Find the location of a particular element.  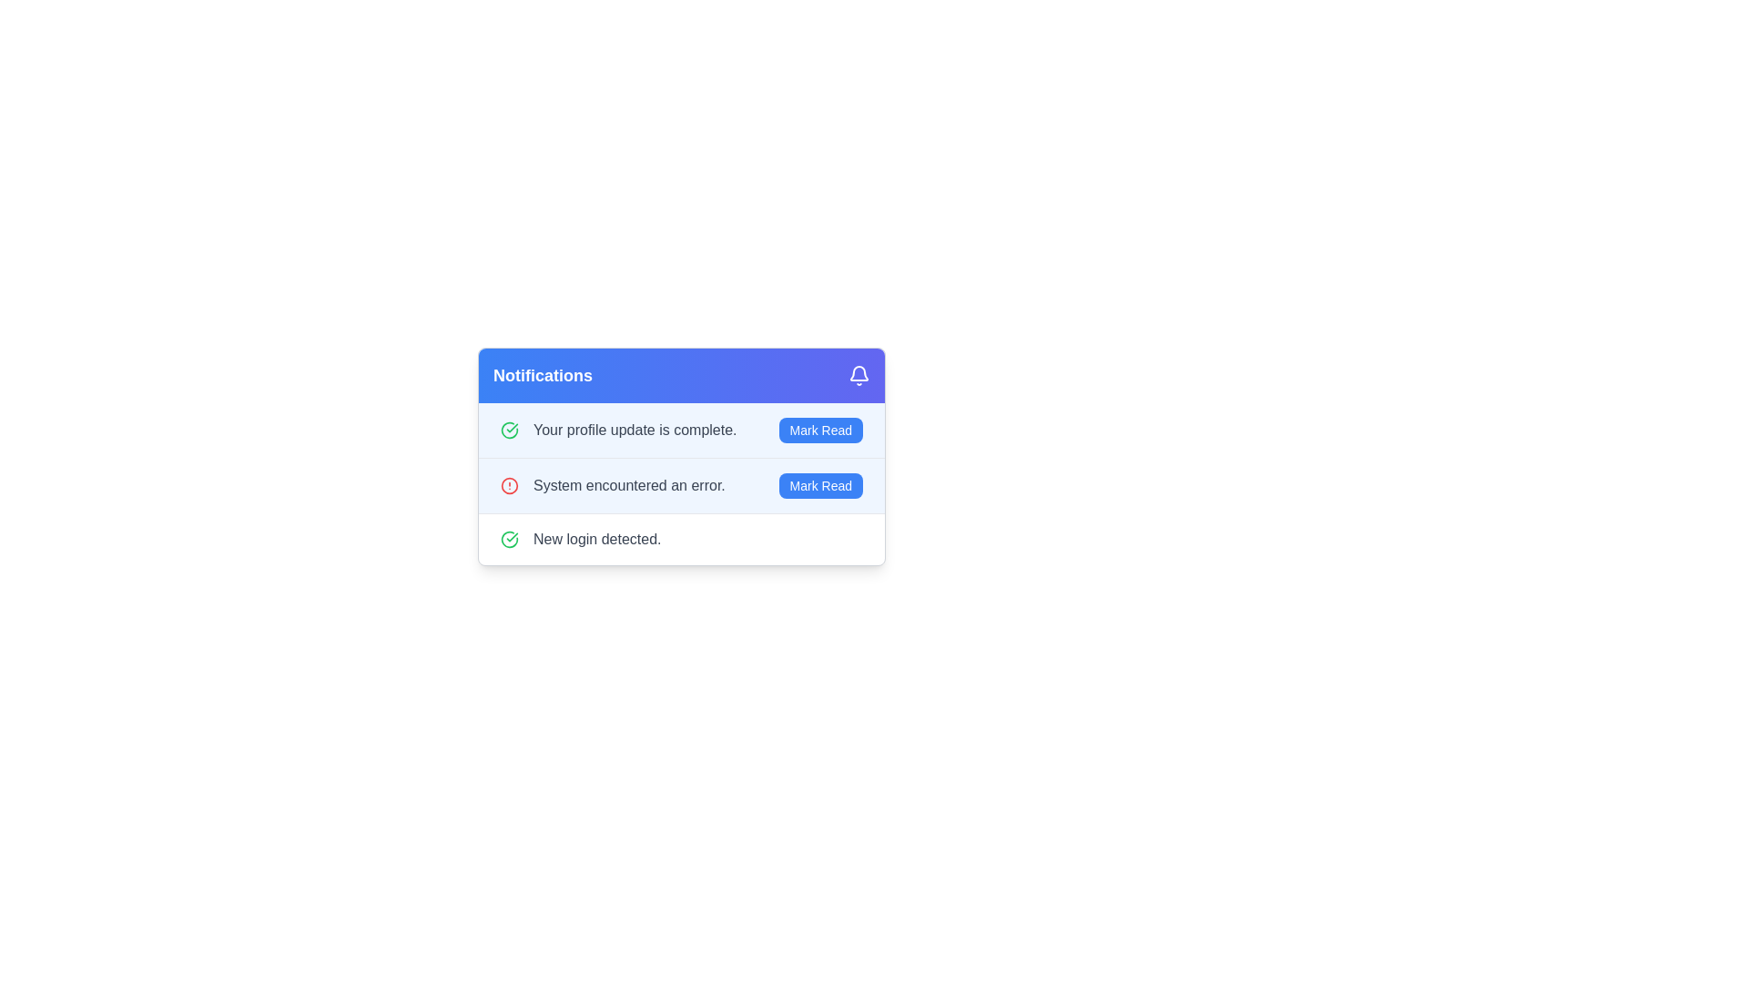

the second notification with the text 'System encountered an error.' which has a red alert icon to its left is located at coordinates (613, 484).